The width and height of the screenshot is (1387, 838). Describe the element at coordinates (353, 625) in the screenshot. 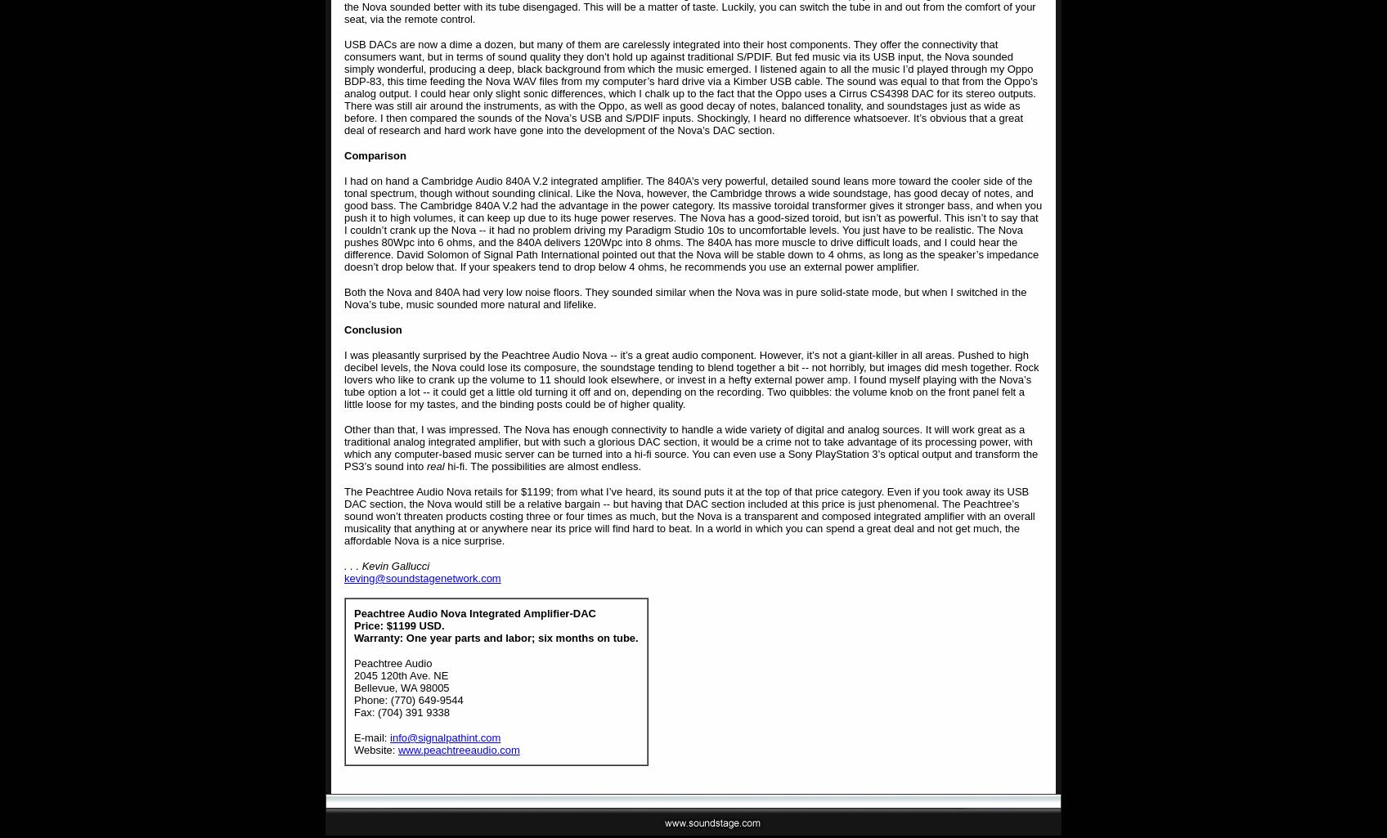

I see `'Price: $1199 USD.'` at that location.